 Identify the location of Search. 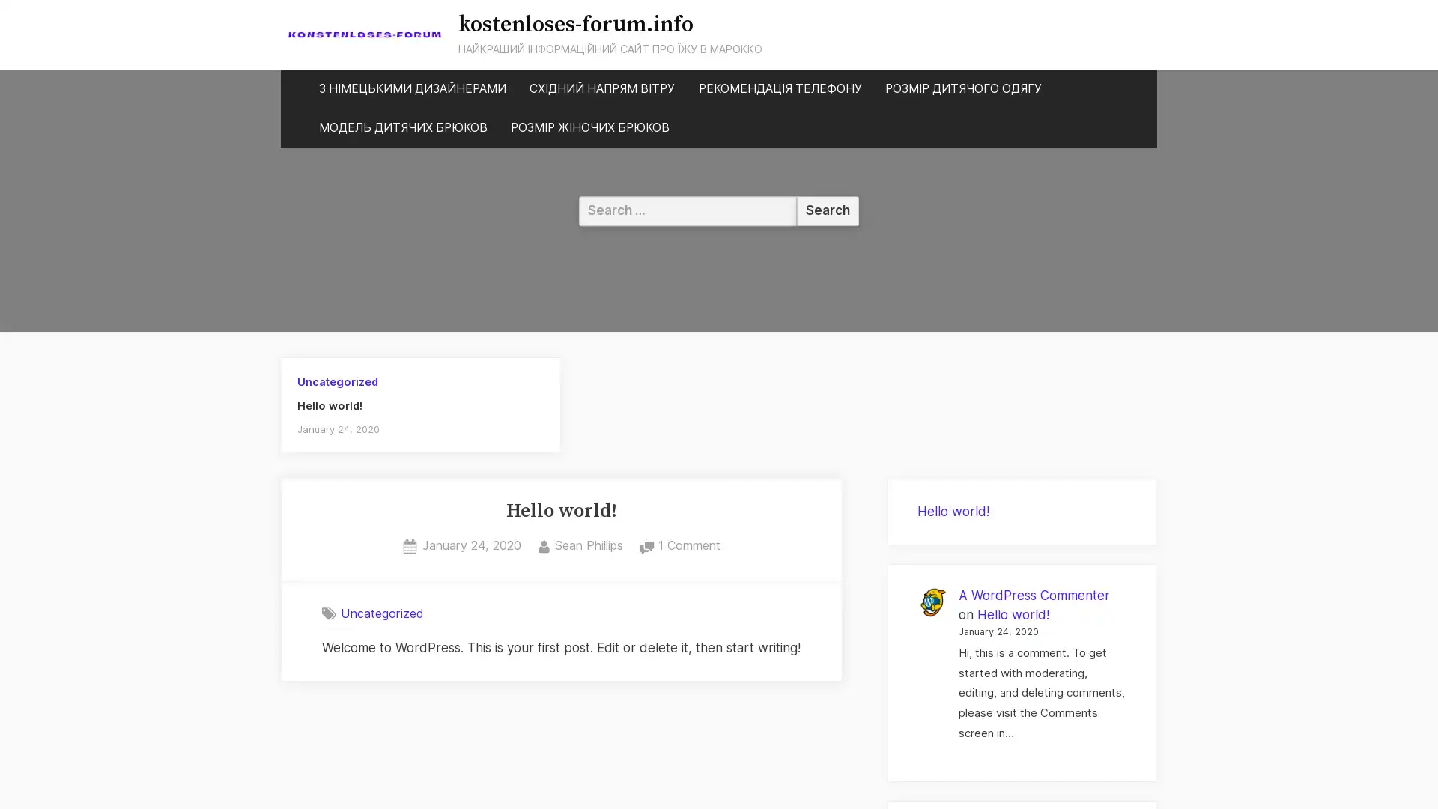
(827, 210).